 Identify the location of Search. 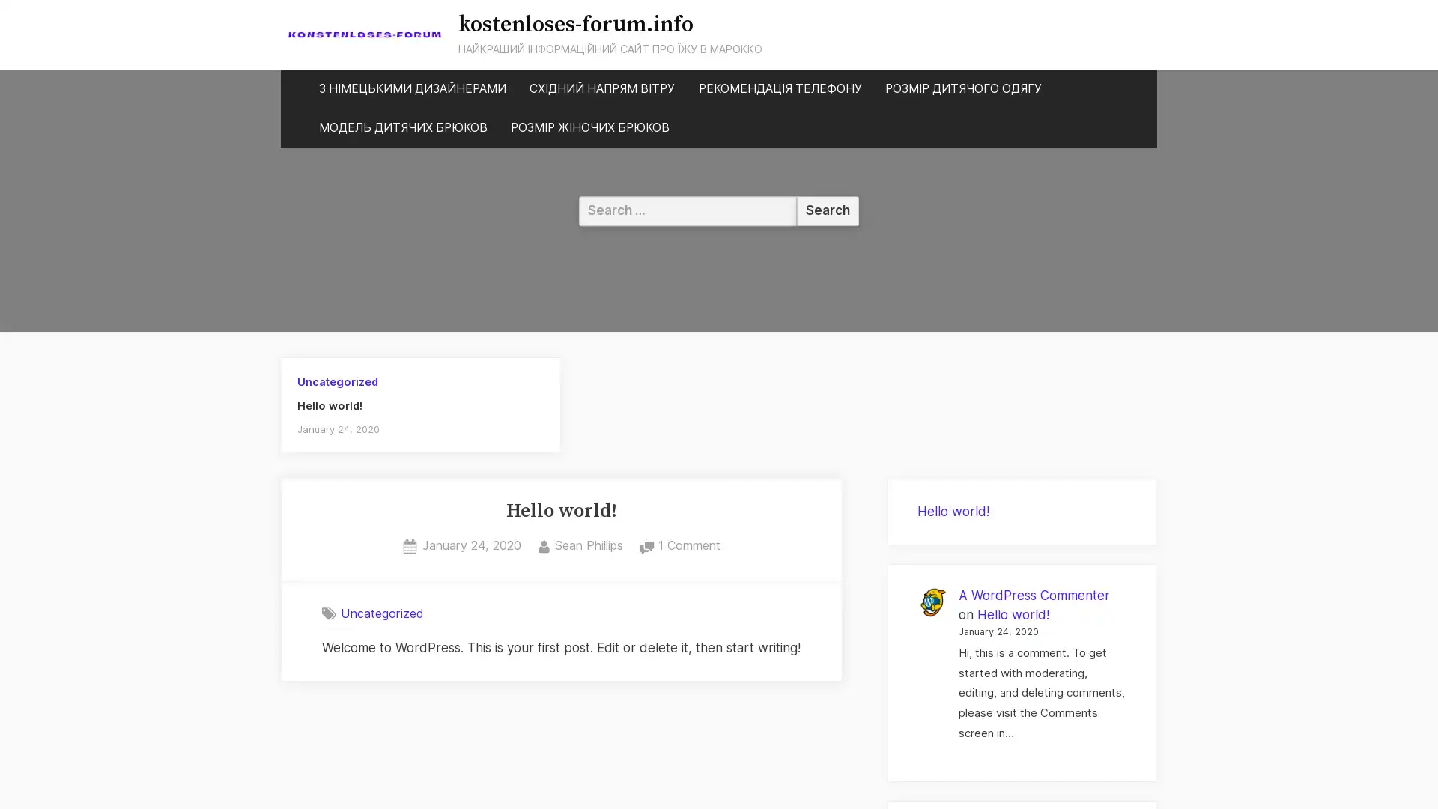
(827, 210).